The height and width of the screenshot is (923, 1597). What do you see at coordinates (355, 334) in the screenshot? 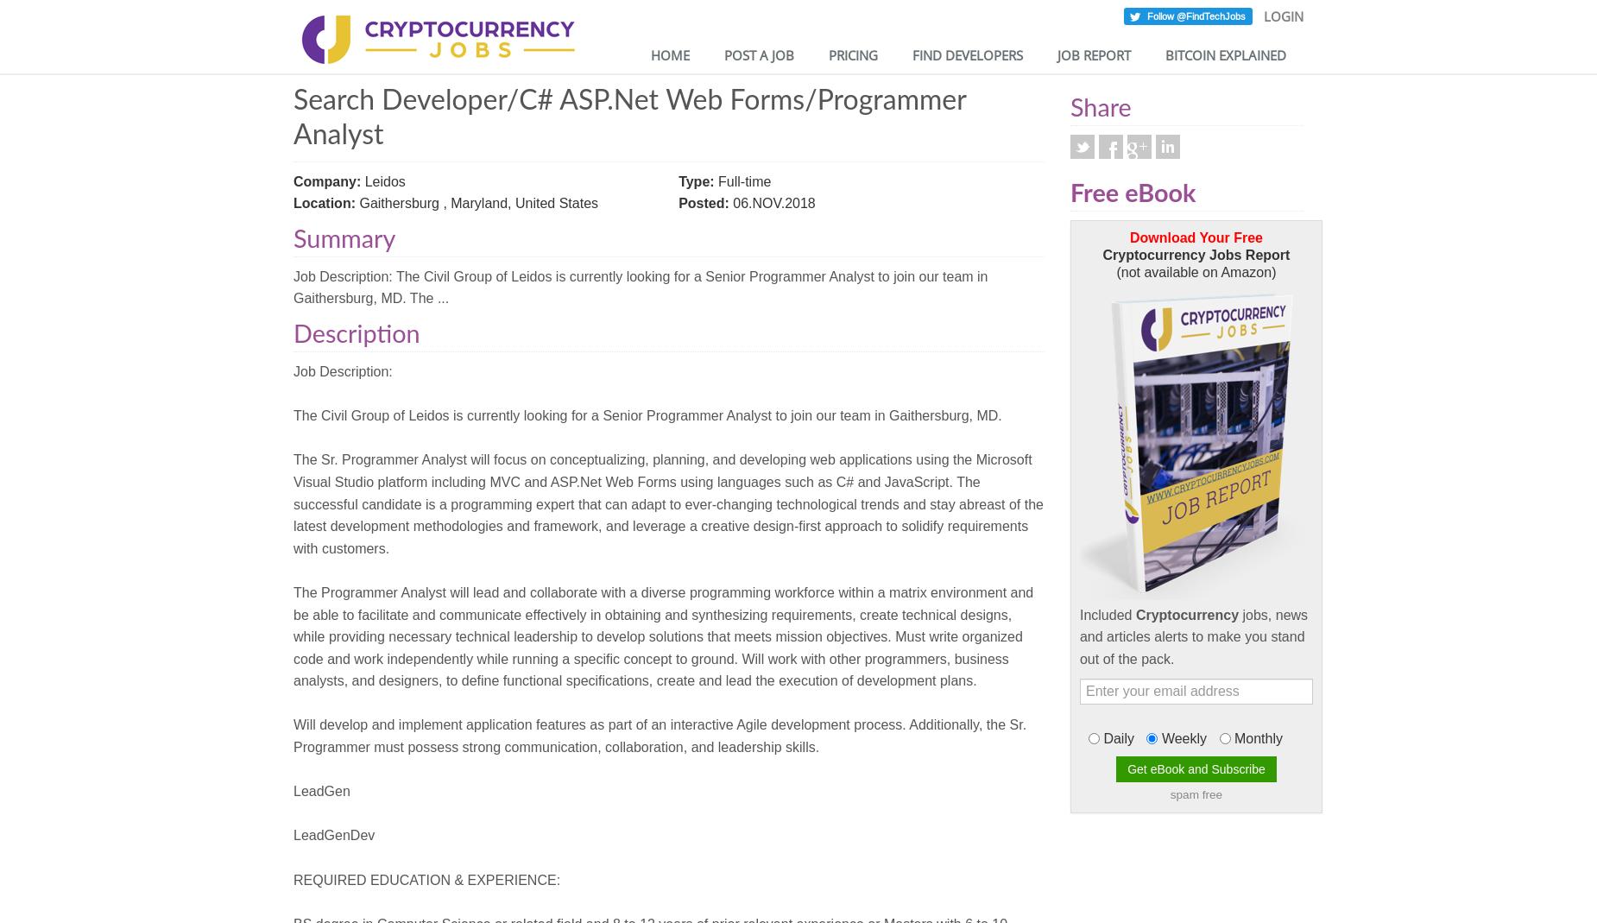
I see `'Description'` at bounding box center [355, 334].